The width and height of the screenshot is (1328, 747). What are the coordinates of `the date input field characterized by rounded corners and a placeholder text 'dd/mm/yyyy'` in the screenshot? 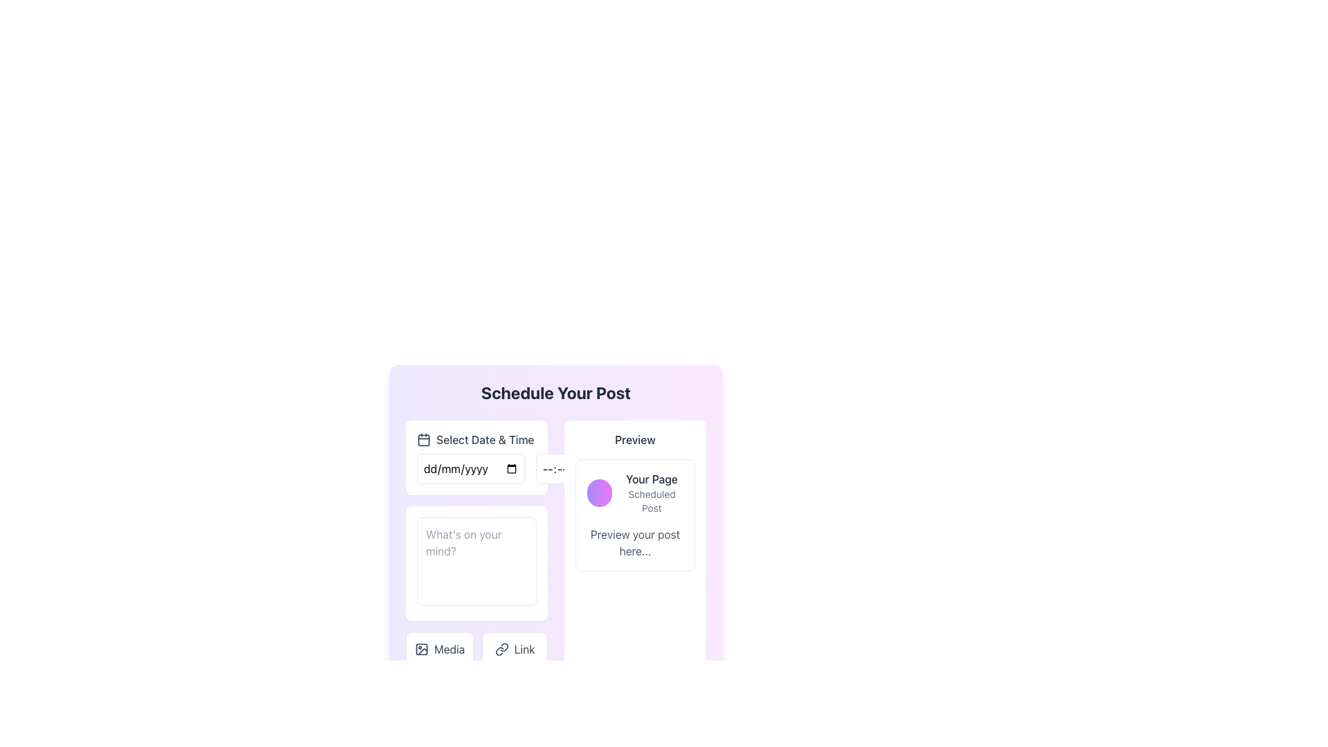 It's located at (471, 468).